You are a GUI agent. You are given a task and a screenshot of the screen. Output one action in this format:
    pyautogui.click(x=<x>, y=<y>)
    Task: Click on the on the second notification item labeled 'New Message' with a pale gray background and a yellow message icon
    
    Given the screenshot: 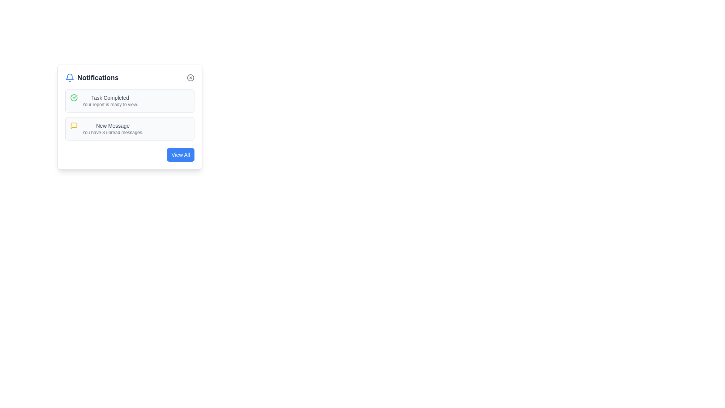 What is the action you would take?
    pyautogui.click(x=130, y=128)
    